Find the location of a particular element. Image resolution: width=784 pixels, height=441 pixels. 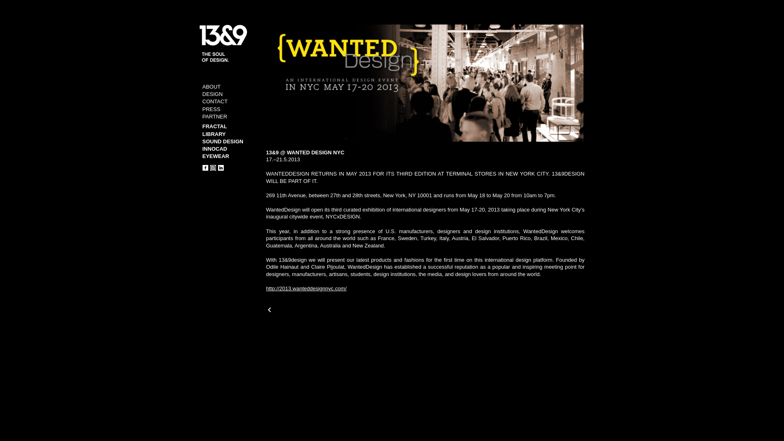

'http://2013.wanteddesignnyc.com/' is located at coordinates (306, 288).